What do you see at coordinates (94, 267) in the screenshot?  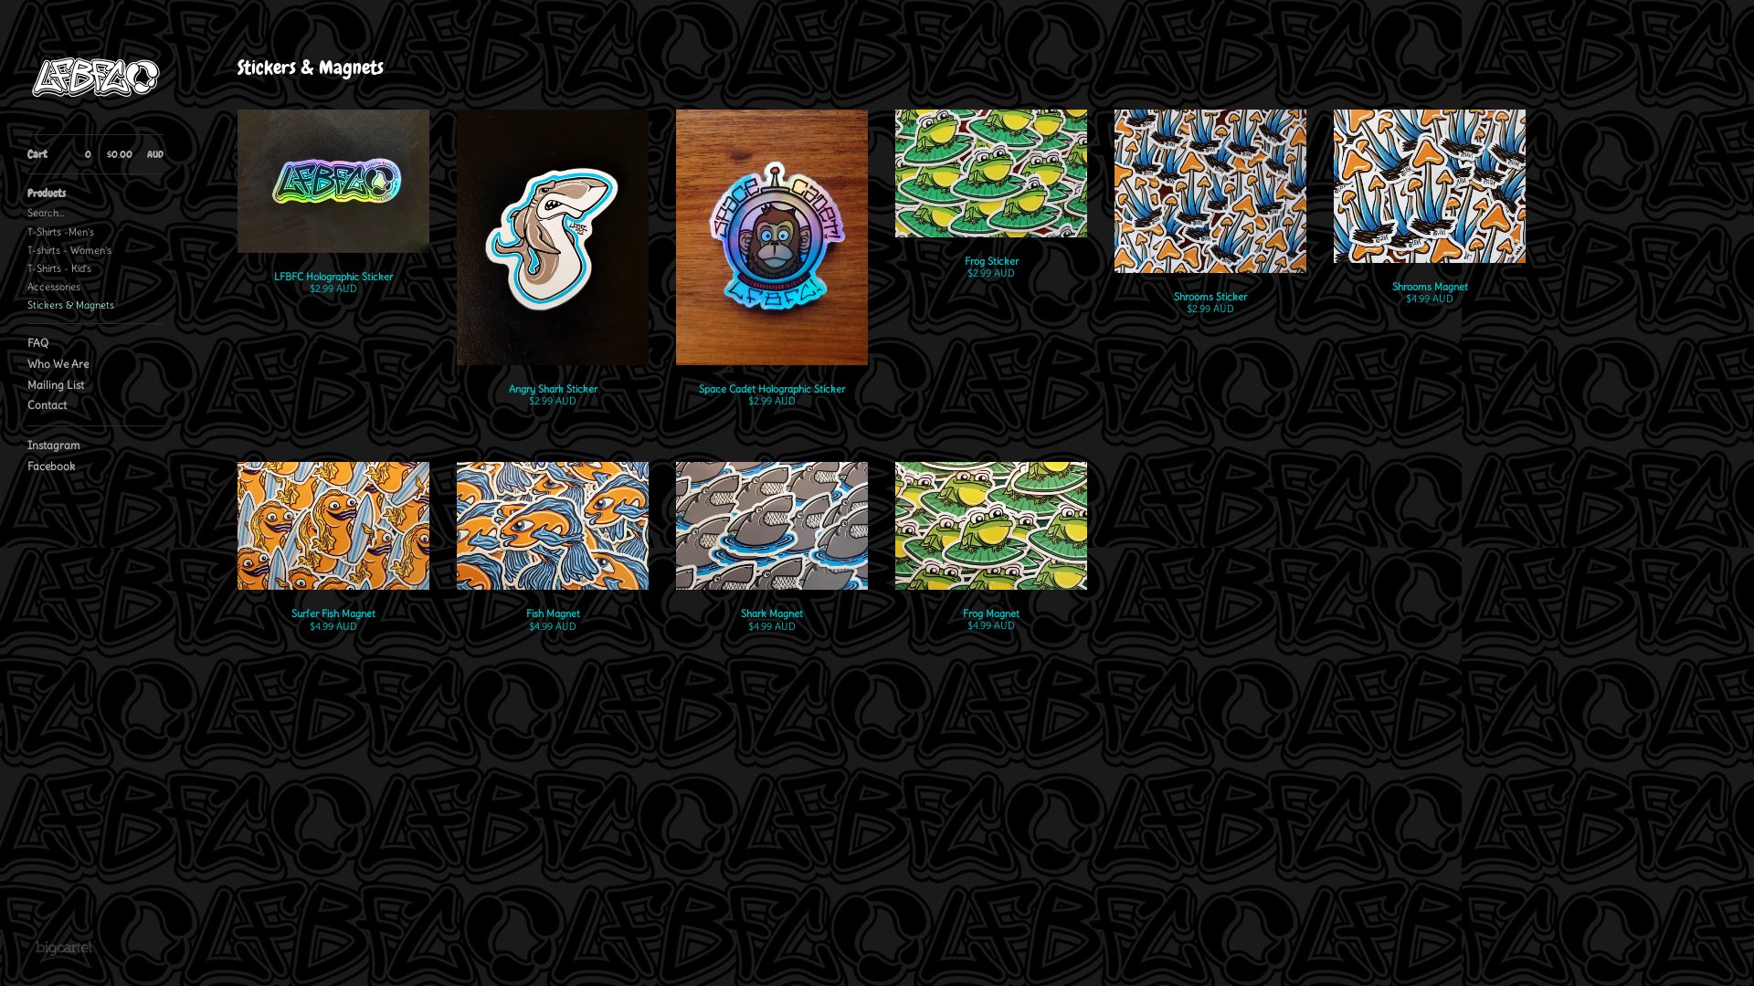 I see `'T-Shirts - Kid's'` at bounding box center [94, 267].